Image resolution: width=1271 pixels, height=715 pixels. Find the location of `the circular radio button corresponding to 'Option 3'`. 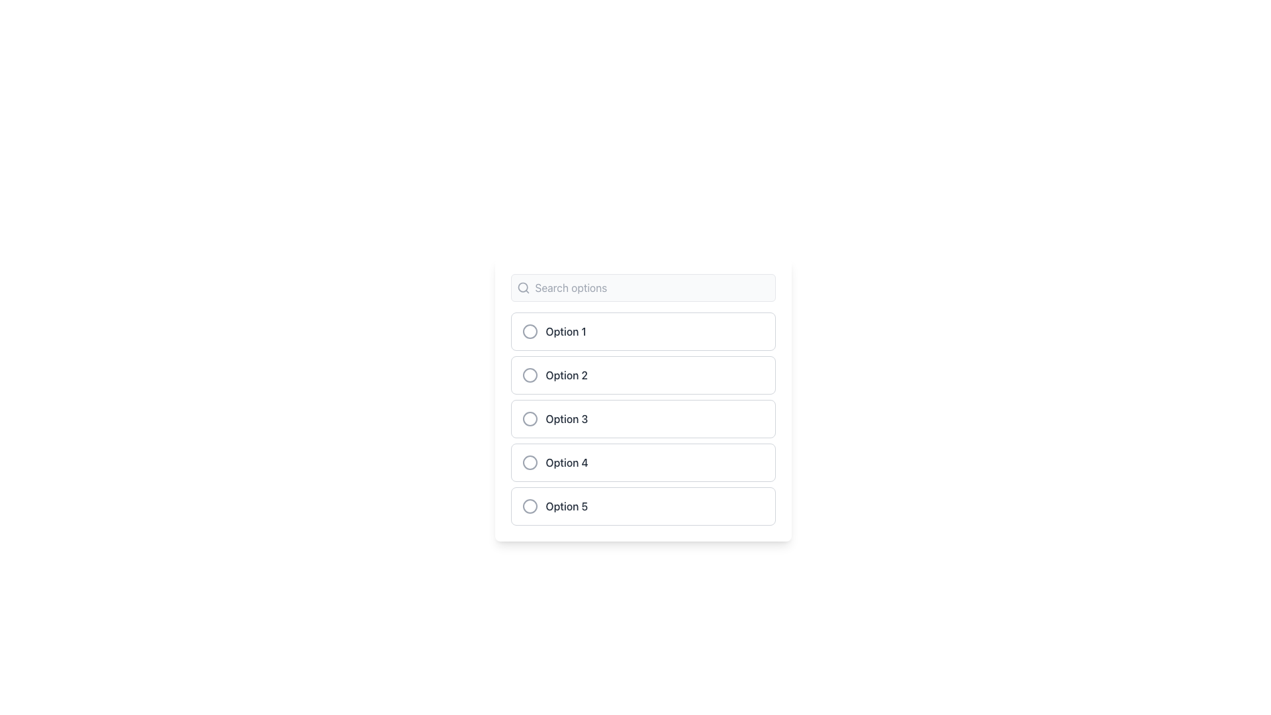

the circular radio button corresponding to 'Option 3' is located at coordinates (530, 418).